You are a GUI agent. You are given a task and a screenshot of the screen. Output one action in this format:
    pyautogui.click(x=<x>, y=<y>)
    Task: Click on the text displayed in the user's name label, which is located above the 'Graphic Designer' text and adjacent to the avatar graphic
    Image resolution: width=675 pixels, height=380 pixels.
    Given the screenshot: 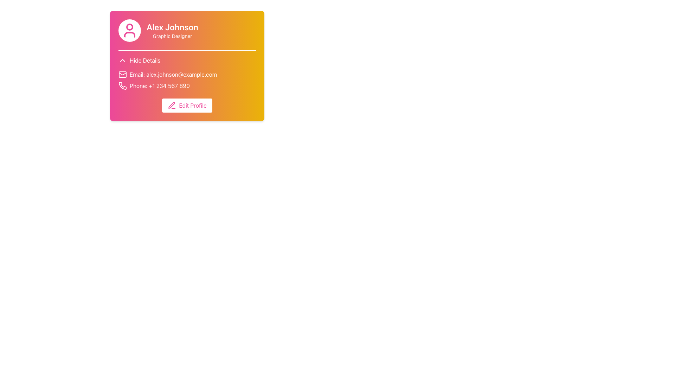 What is the action you would take?
    pyautogui.click(x=172, y=27)
    